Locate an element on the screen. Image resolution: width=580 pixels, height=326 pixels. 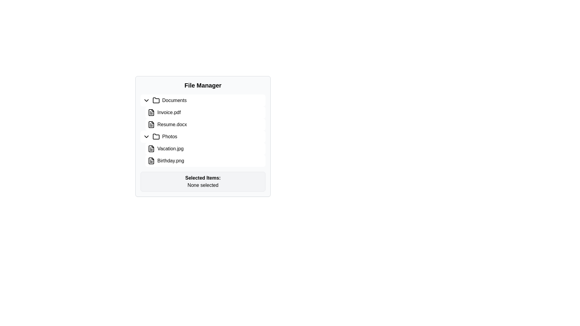
the graphical icon styled as a sheet of paper that represents the file type for 'Birthday.png', located to the left of its label in the file list is located at coordinates (151, 160).